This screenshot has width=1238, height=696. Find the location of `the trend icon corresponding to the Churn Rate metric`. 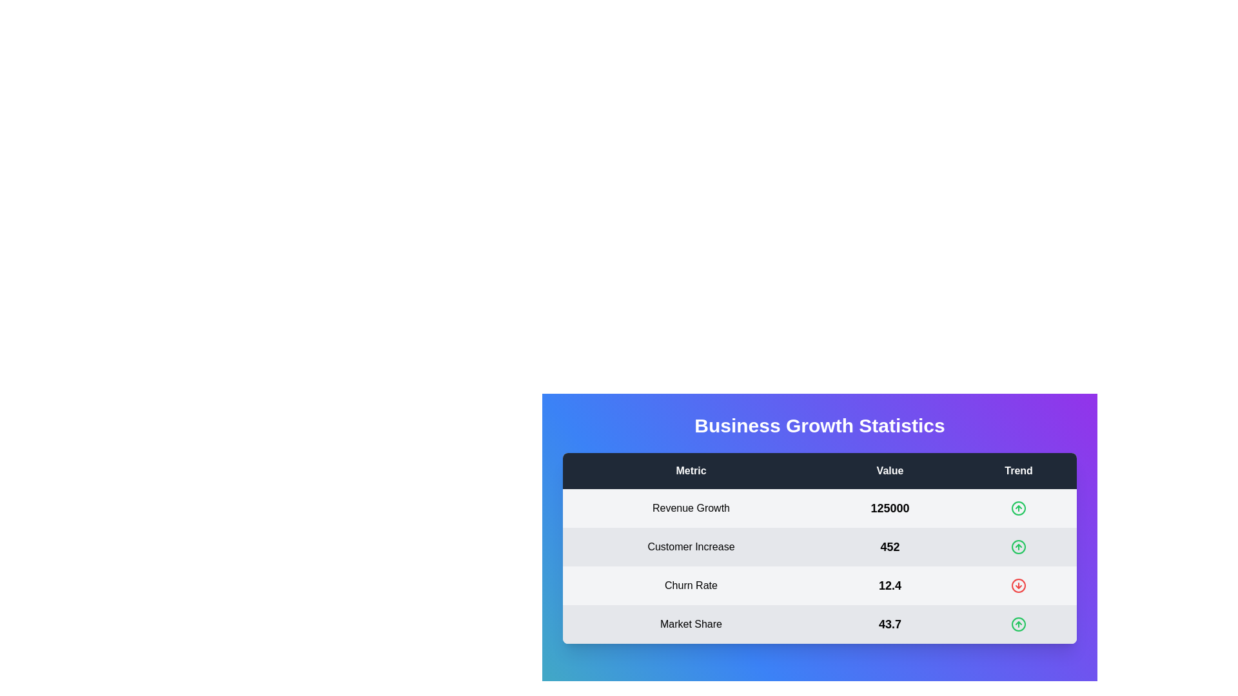

the trend icon corresponding to the Churn Rate metric is located at coordinates (1017, 586).